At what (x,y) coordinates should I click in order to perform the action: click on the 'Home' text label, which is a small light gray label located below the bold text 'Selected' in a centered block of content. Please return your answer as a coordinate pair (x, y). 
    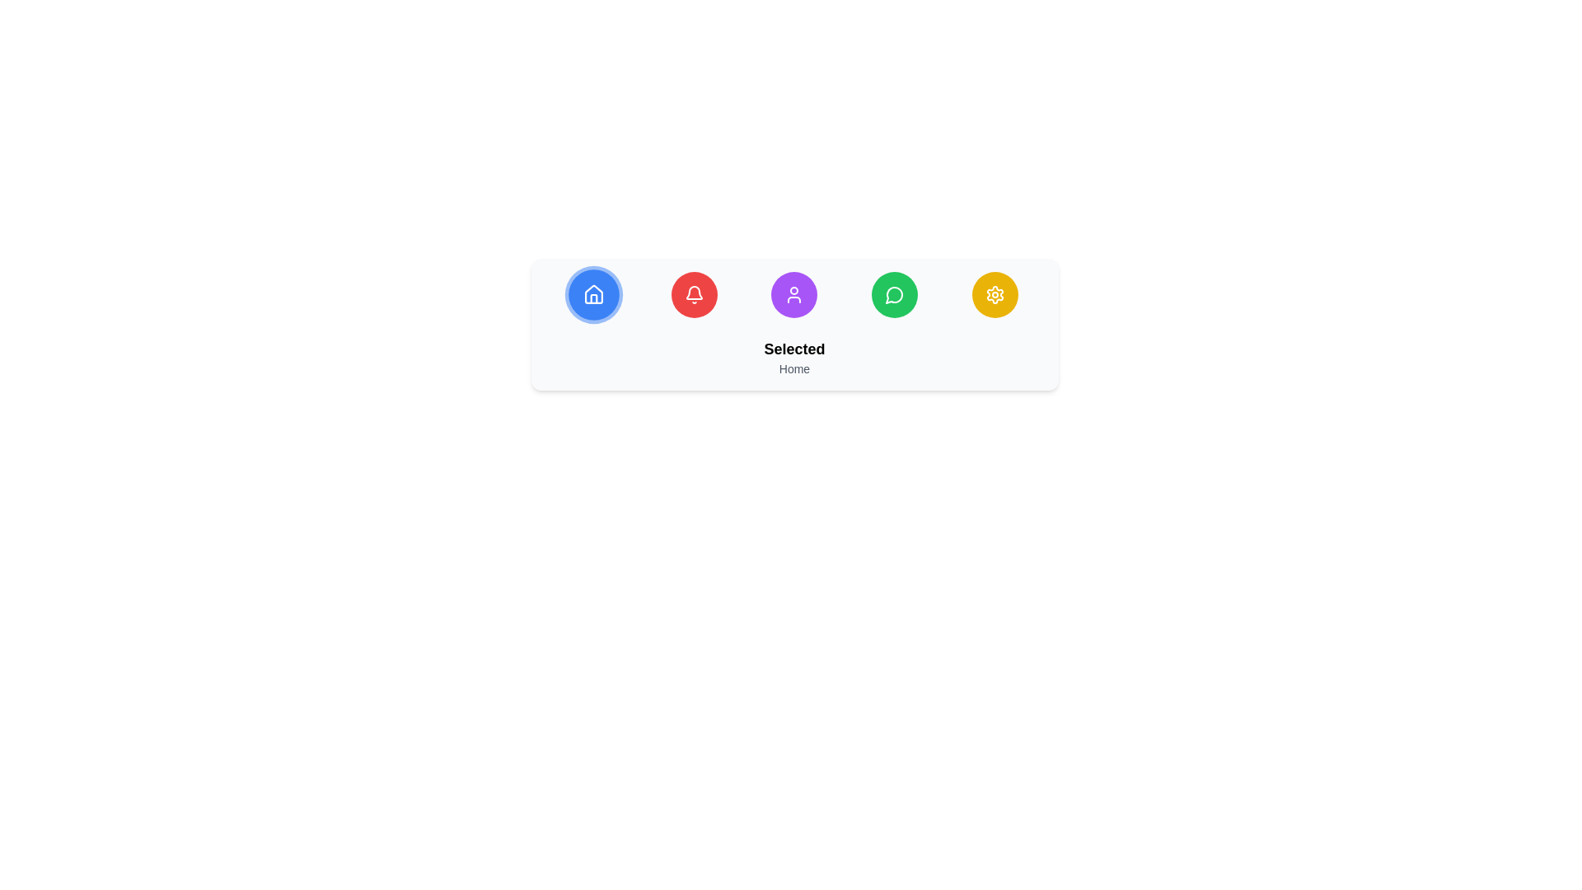
    Looking at the image, I should click on (794, 368).